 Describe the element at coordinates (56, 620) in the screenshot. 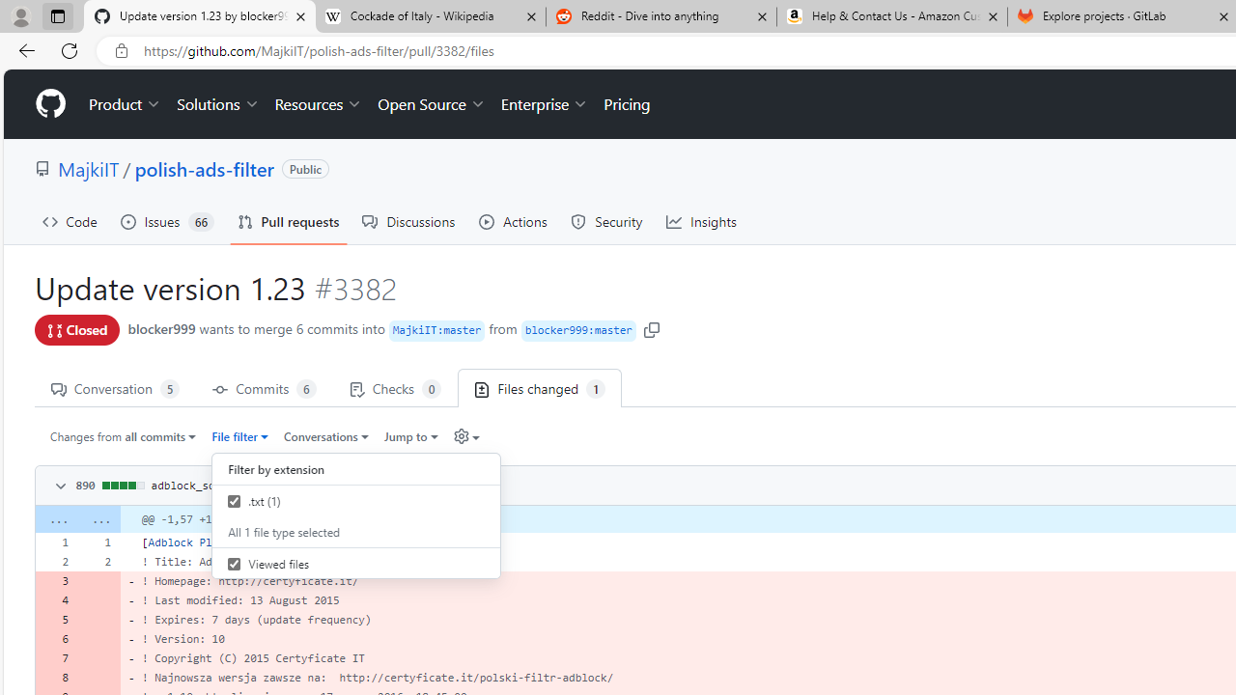

I see `'5'` at that location.